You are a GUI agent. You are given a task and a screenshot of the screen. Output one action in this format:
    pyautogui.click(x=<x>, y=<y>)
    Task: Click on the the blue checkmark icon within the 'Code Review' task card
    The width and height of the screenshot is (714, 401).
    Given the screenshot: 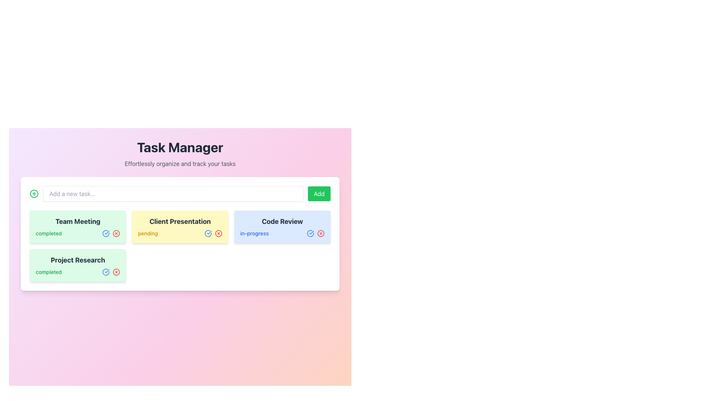 What is the action you would take?
    pyautogui.click(x=208, y=233)
    